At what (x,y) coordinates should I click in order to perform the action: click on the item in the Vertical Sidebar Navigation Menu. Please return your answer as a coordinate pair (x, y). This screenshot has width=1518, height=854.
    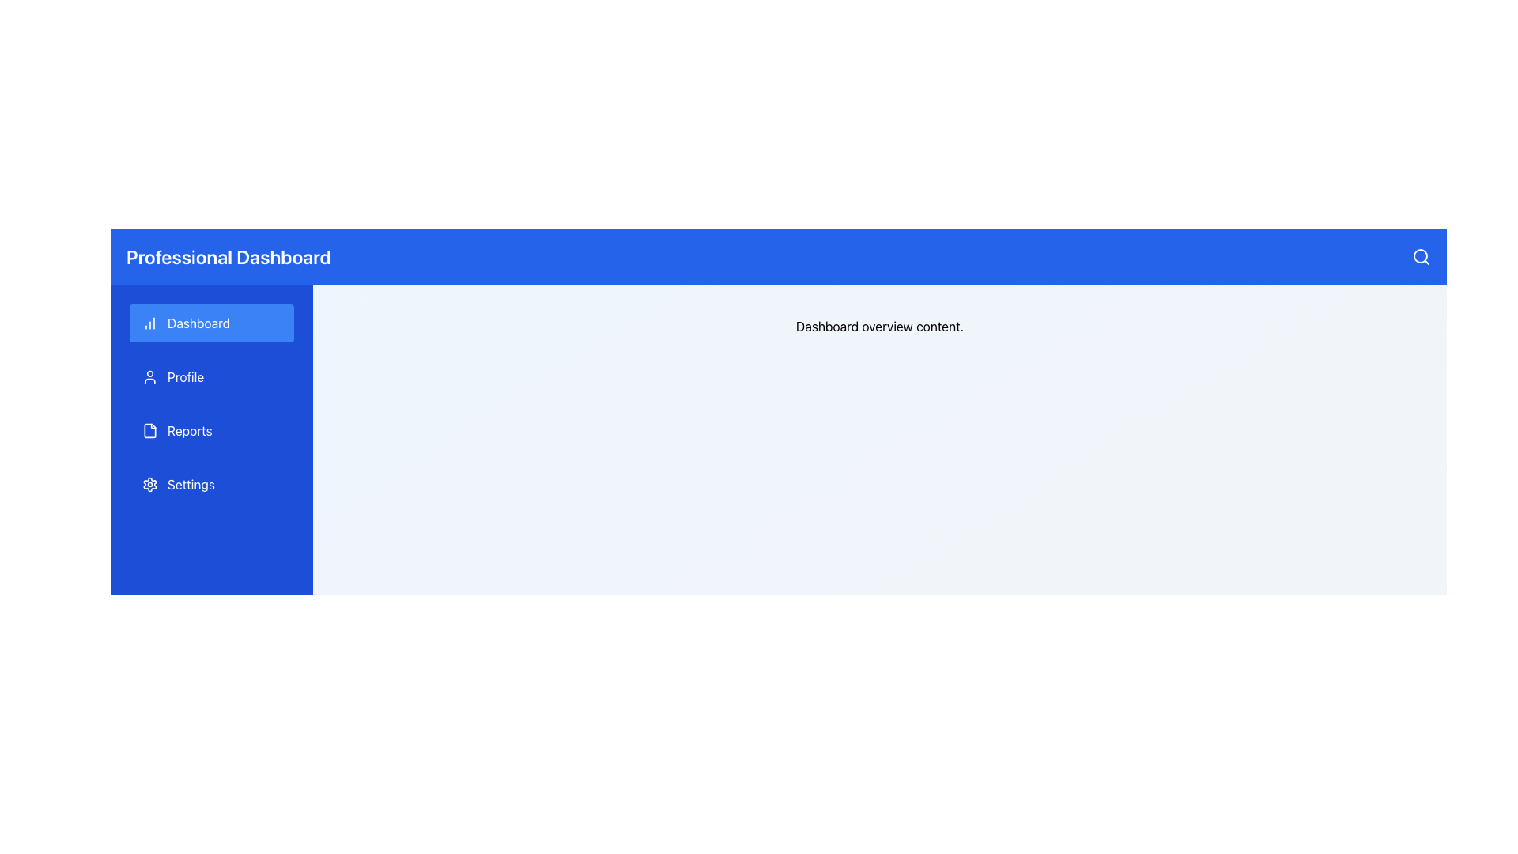
    Looking at the image, I should click on (211, 402).